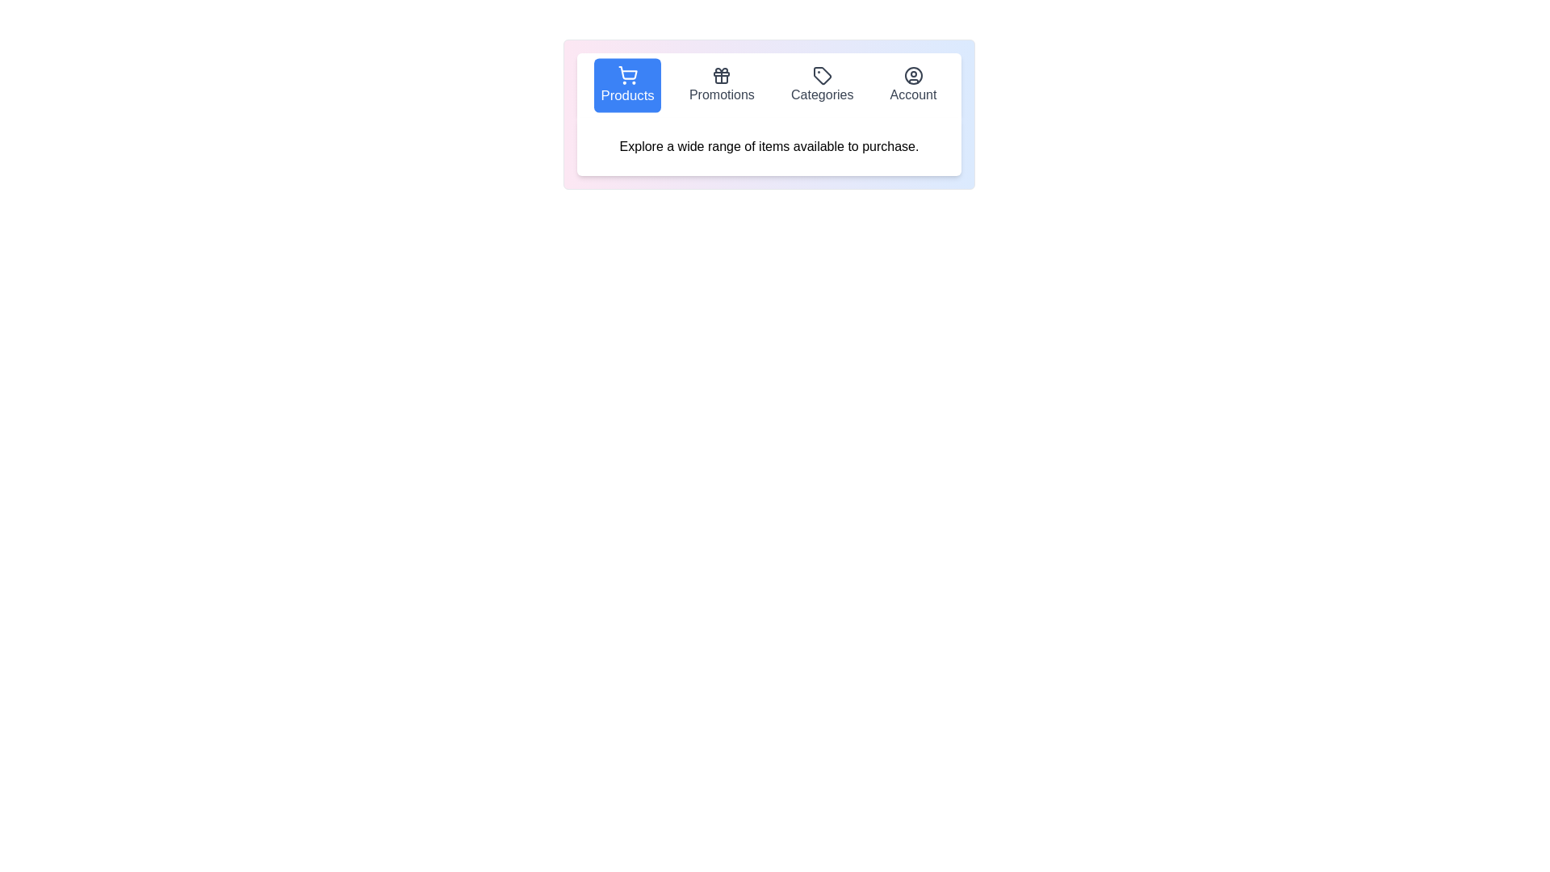  What do you see at coordinates (822, 85) in the screenshot?
I see `the tab labeled Categories to select it` at bounding box center [822, 85].